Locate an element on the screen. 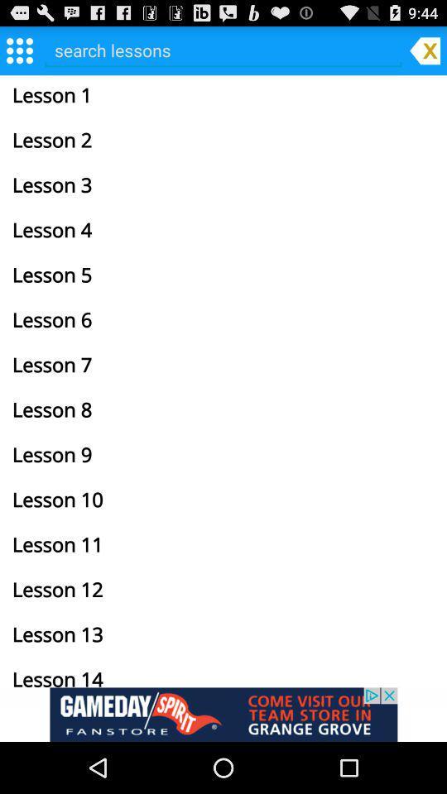 The image size is (447, 794). close is located at coordinates (425, 49).